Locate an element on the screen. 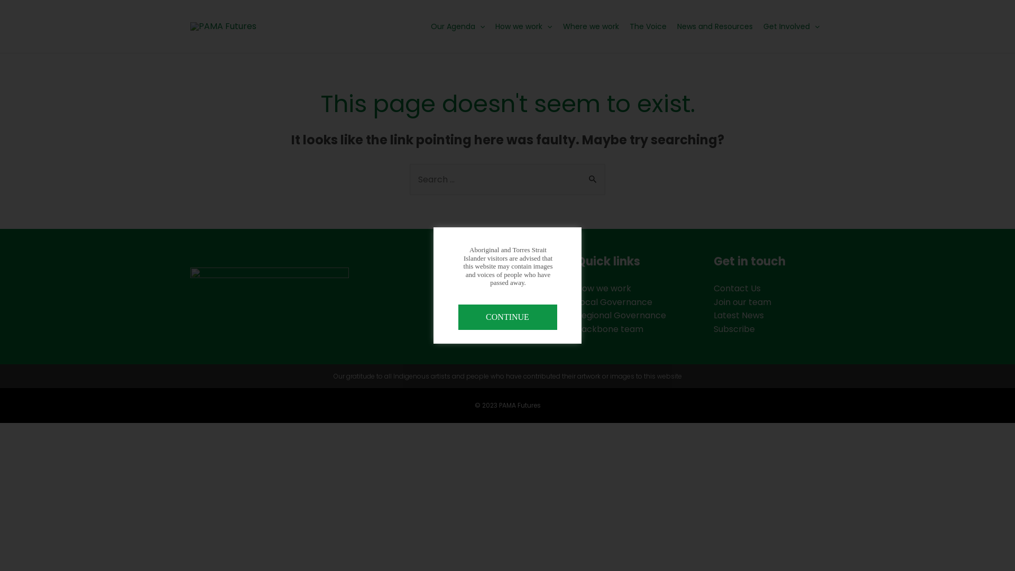  'The Voice' is located at coordinates (624, 26).